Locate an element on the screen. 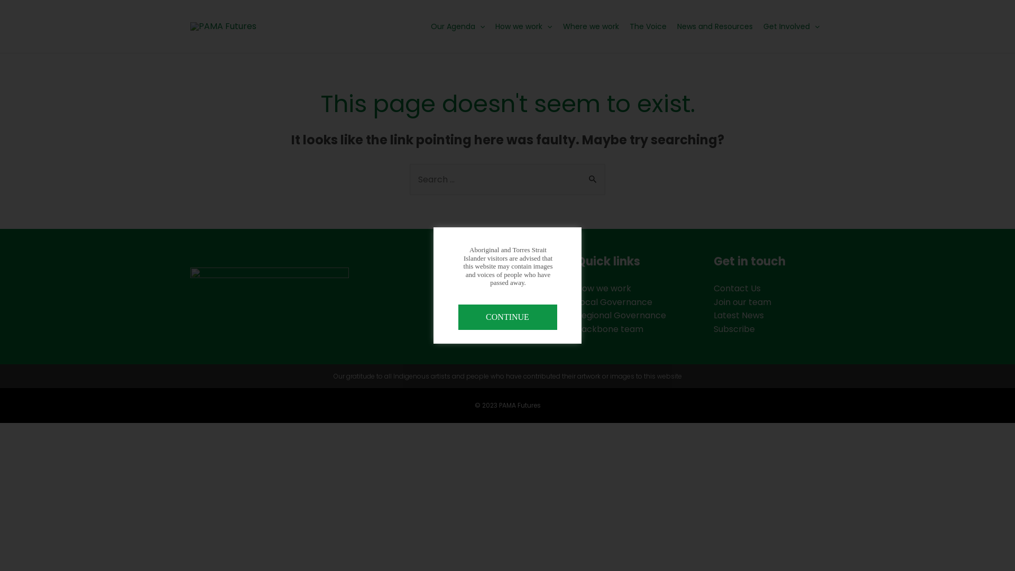  'The Voice' is located at coordinates (624, 26).